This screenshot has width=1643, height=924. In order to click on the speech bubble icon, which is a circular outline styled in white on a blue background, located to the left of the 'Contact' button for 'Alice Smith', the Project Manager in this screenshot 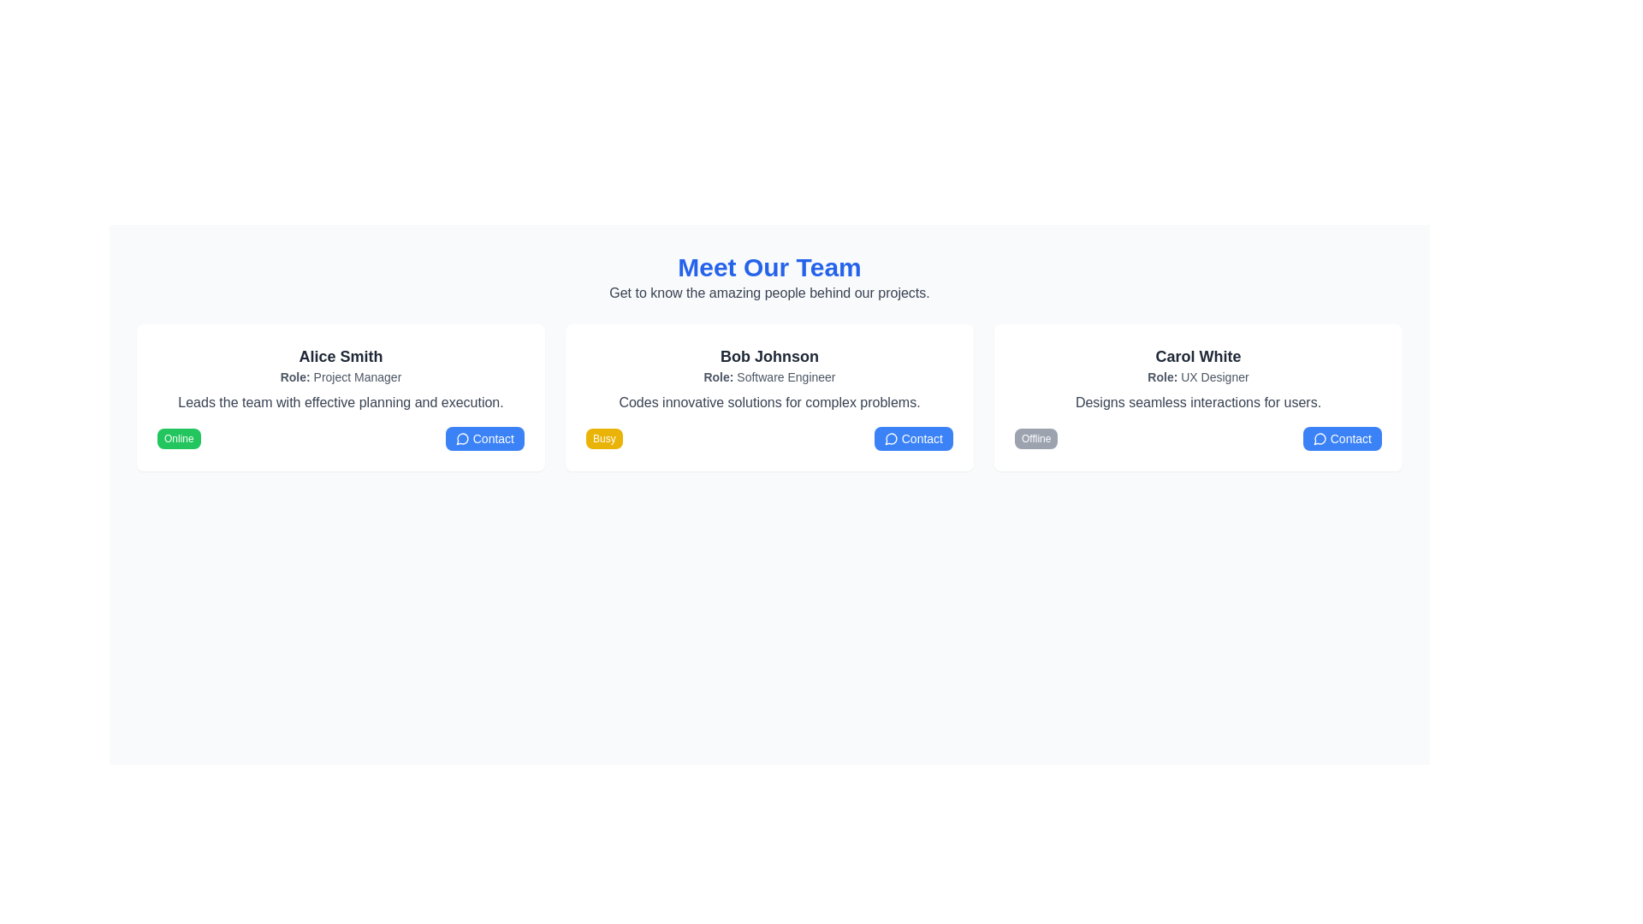, I will do `click(462, 438)`.